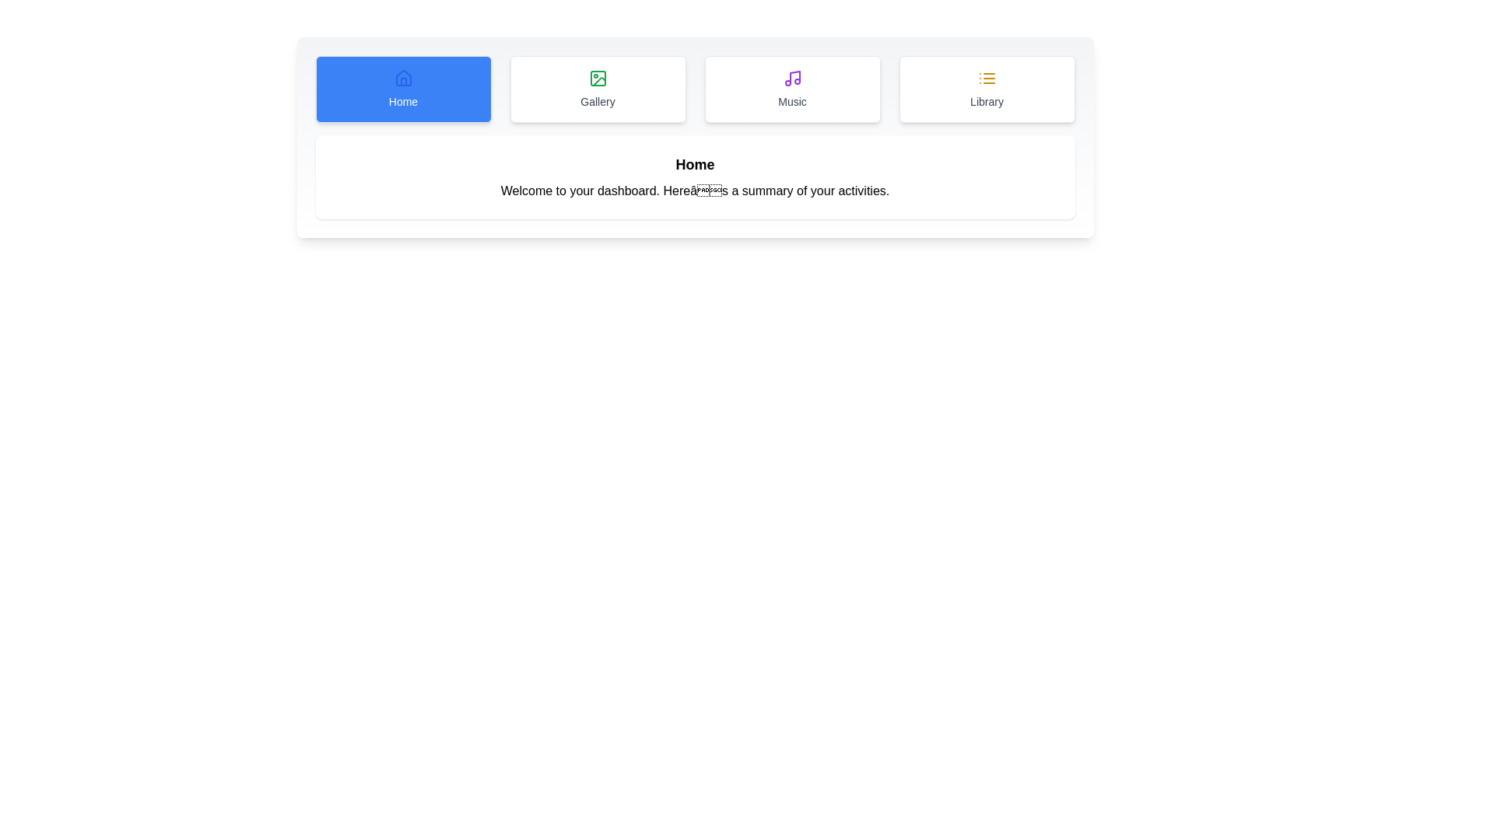 The height and width of the screenshot is (840, 1494). I want to click on the Library tab to switch to it, so click(986, 89).